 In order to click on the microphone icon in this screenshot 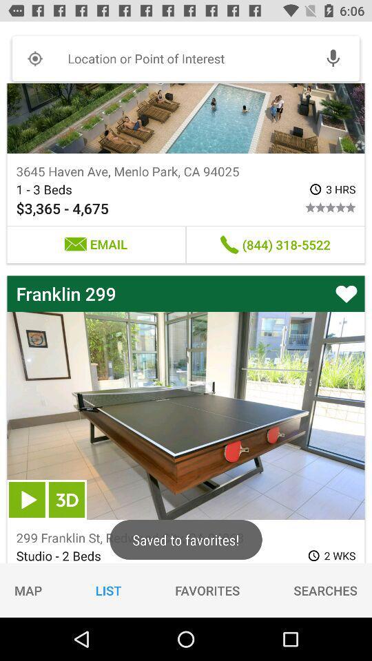, I will do `click(332, 59)`.